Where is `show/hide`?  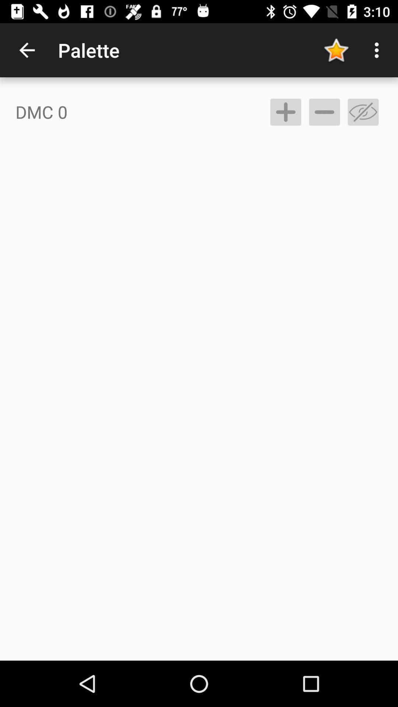
show/hide is located at coordinates (363, 112).